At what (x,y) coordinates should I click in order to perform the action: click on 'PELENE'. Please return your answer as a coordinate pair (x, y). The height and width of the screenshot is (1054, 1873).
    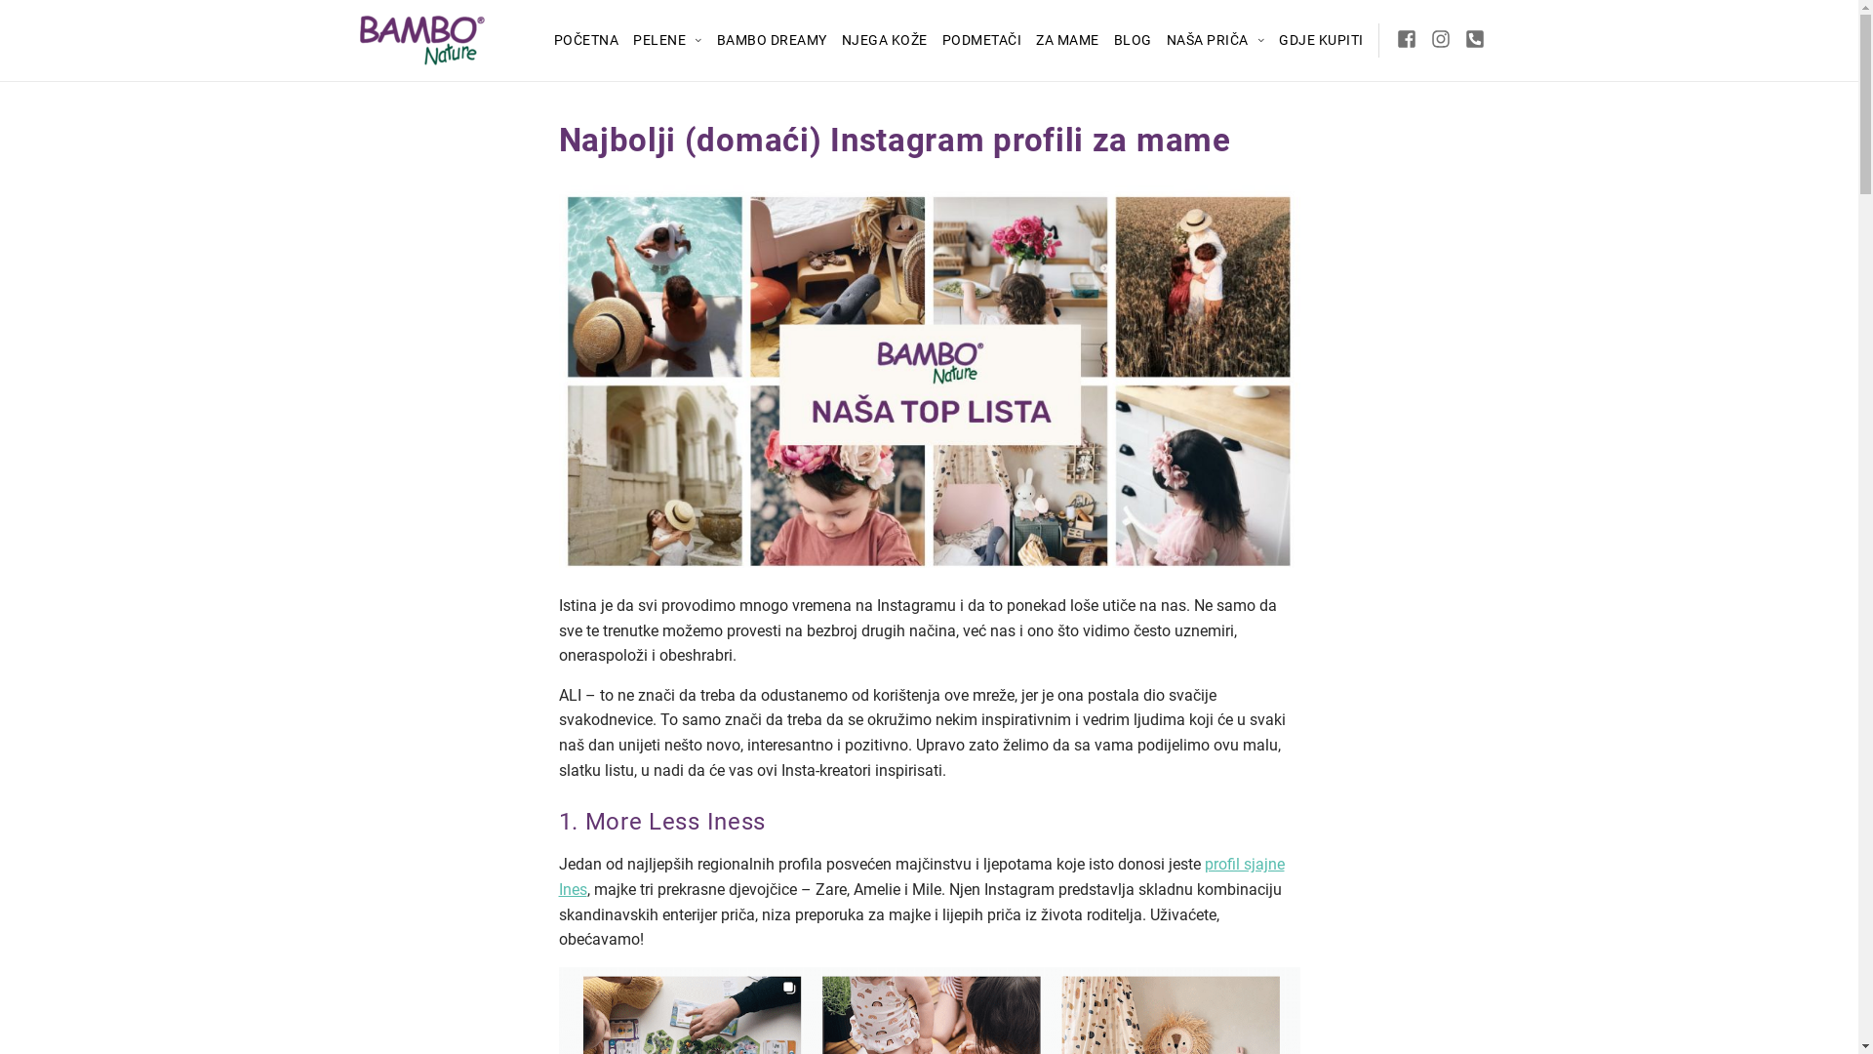
    Looking at the image, I should click on (667, 40).